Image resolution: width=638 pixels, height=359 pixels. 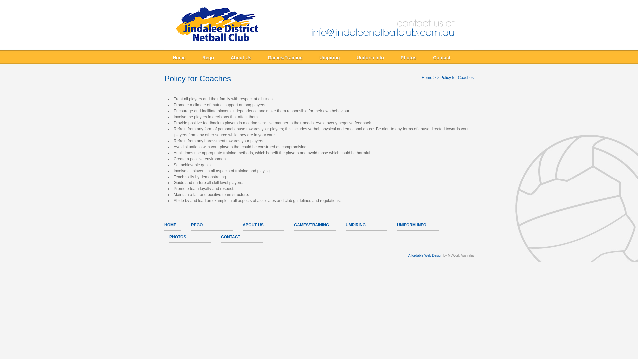 What do you see at coordinates (195, 57) in the screenshot?
I see `'Rego'` at bounding box center [195, 57].